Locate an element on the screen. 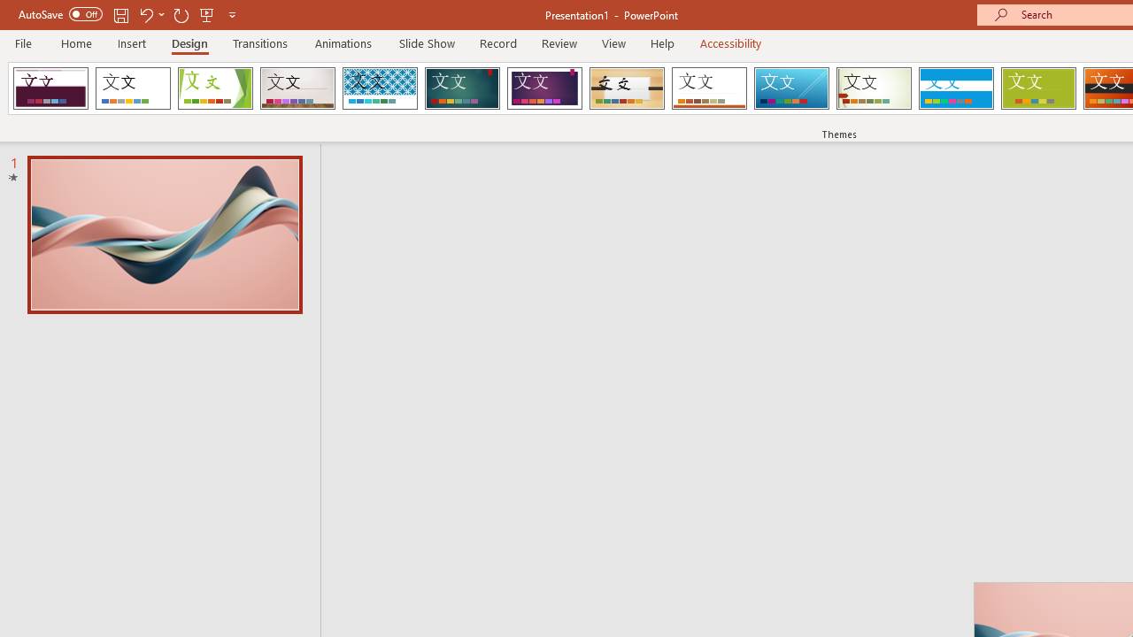 The height and width of the screenshot is (637, 1133). 'Basis' is located at coordinates (1038, 88).